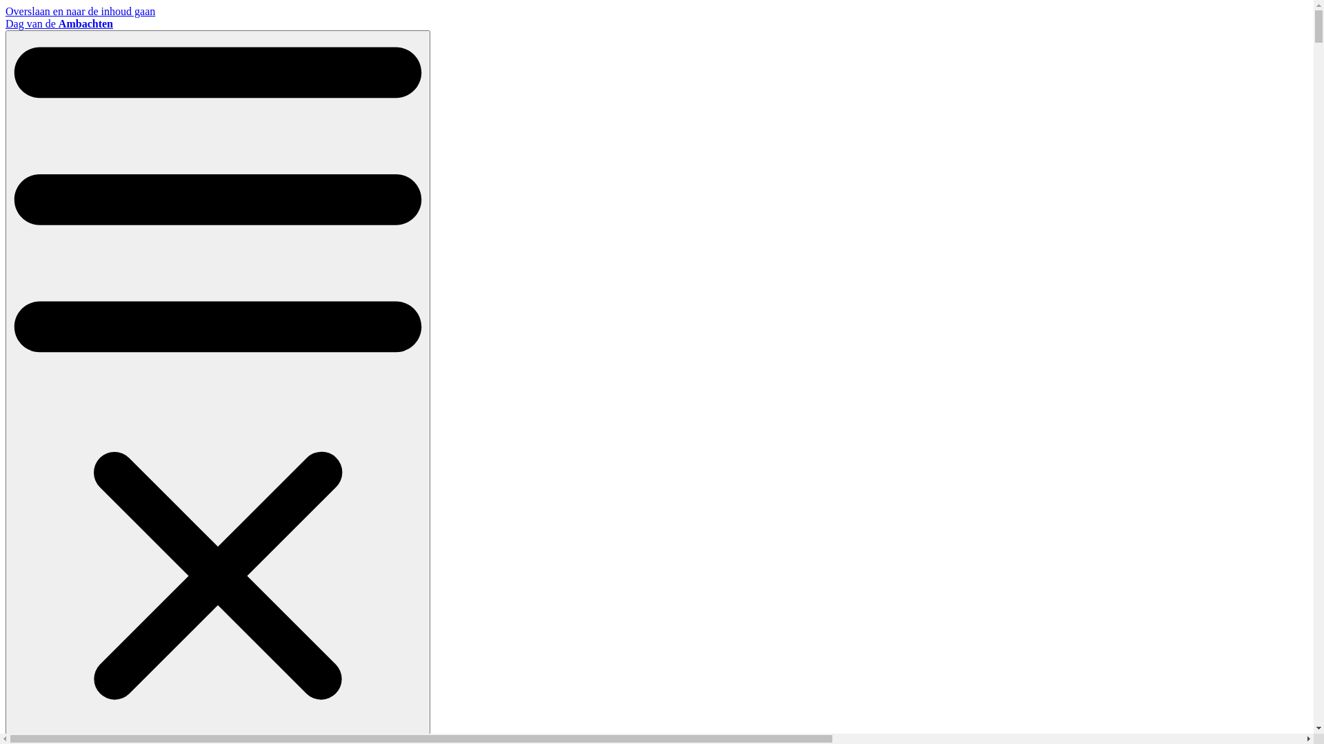  What do you see at coordinates (6, 11) in the screenshot?
I see `'Overslaan en naar de inhoud gaan'` at bounding box center [6, 11].